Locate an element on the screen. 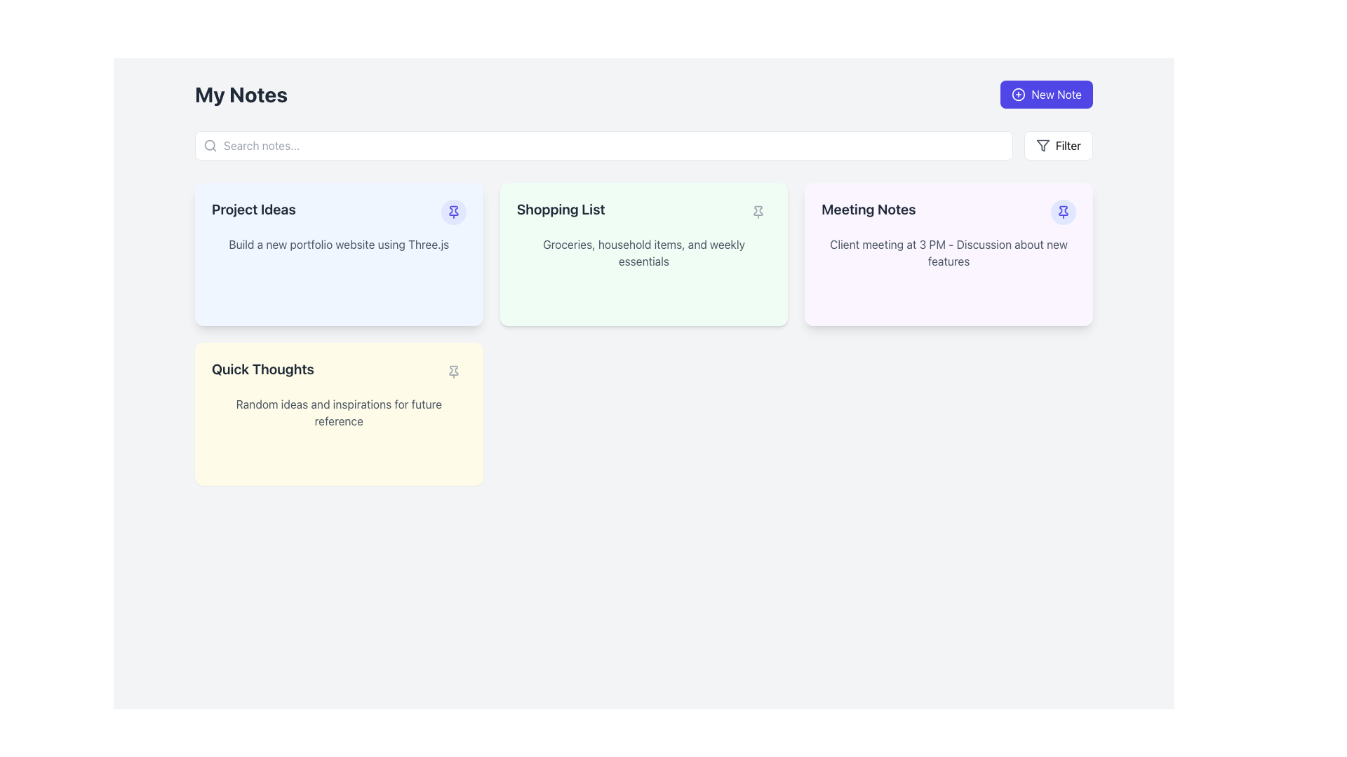 The image size is (1347, 757). the 'add' icon for creating a new note, which is located in the top-right corner of the interface and is rendered in a vivid purple color is located at coordinates (1019, 95).